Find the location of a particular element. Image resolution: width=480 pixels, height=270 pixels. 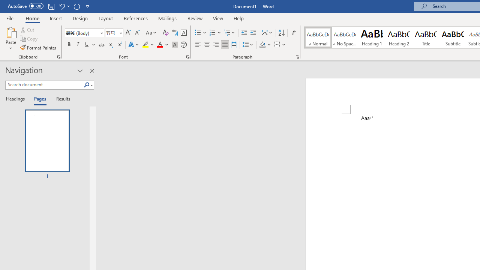

'Customize Quick Access Toolbar' is located at coordinates (88, 6).